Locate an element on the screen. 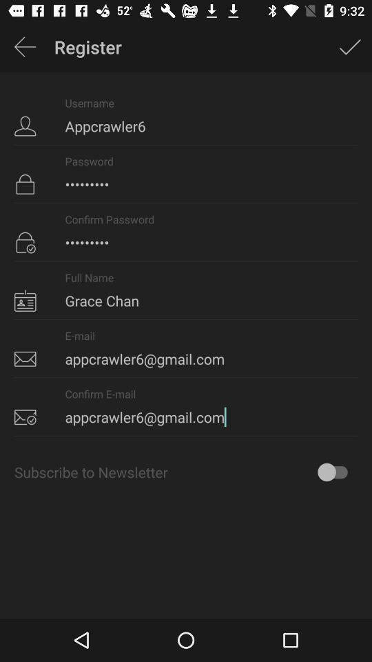 The width and height of the screenshot is (372, 662). grace chan is located at coordinates (186, 290).